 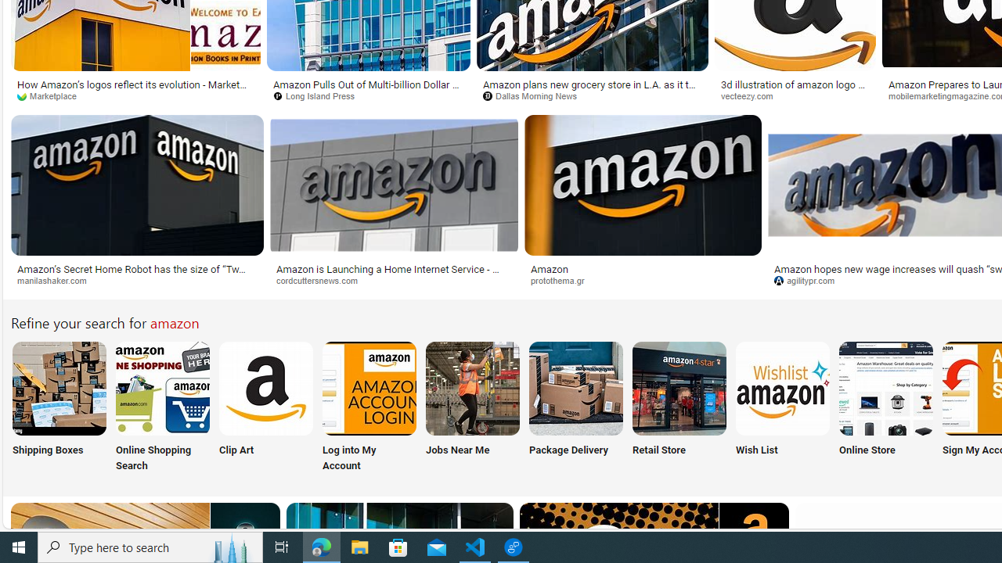 I want to click on 'Amazon Online Shopping Search', so click(x=163, y=387).